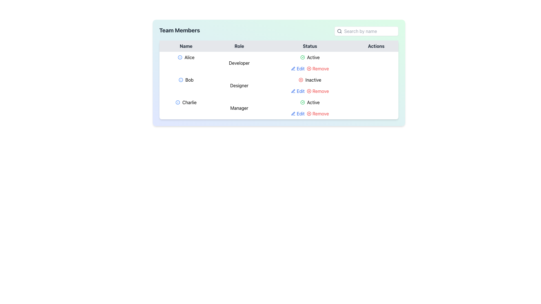  I want to click on the narrow rectangular text input field labeled 'Search by name', so click(369, 31).